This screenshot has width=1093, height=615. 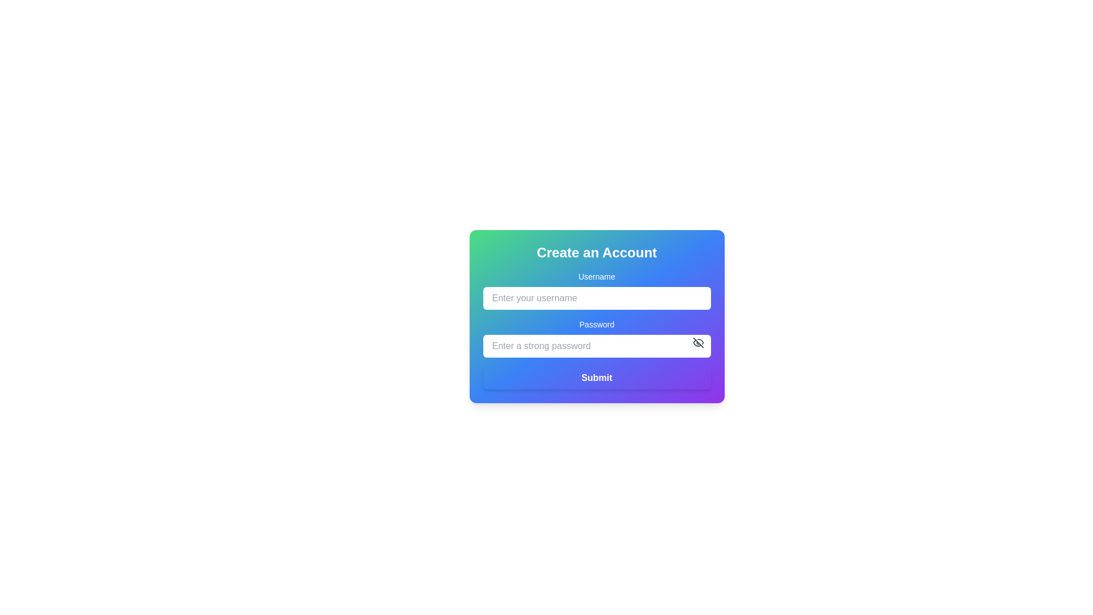 What do you see at coordinates (697, 342) in the screenshot?
I see `the button located to the right of the password input field` at bounding box center [697, 342].